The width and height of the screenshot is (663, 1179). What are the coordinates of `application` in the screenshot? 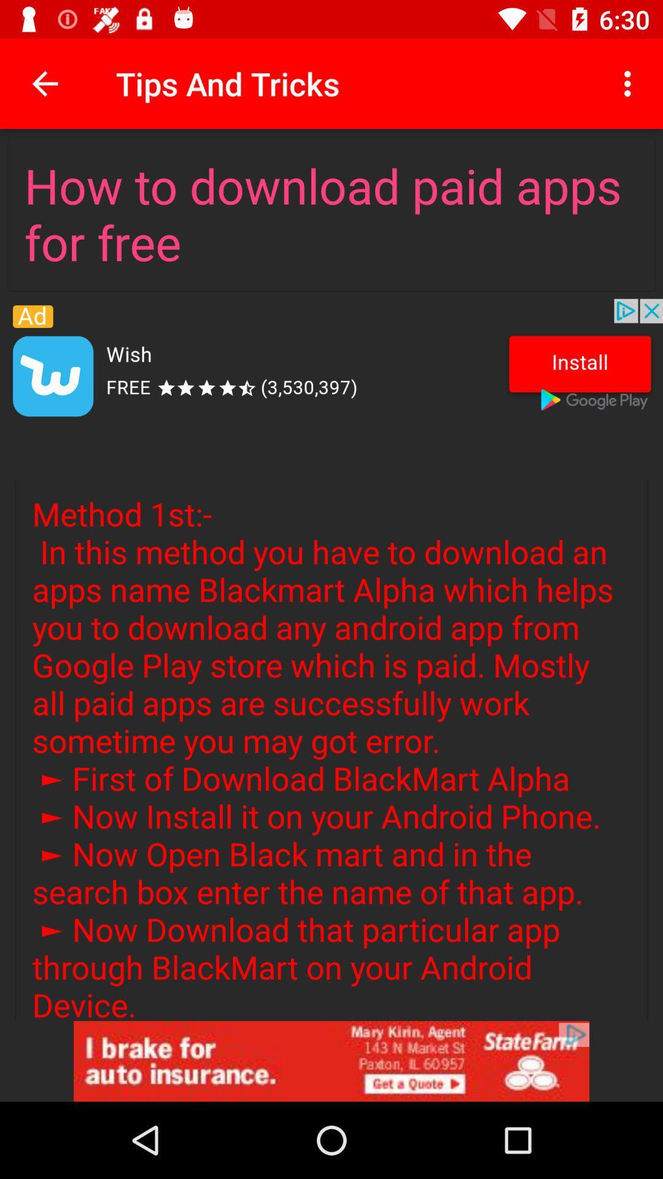 It's located at (331, 362).